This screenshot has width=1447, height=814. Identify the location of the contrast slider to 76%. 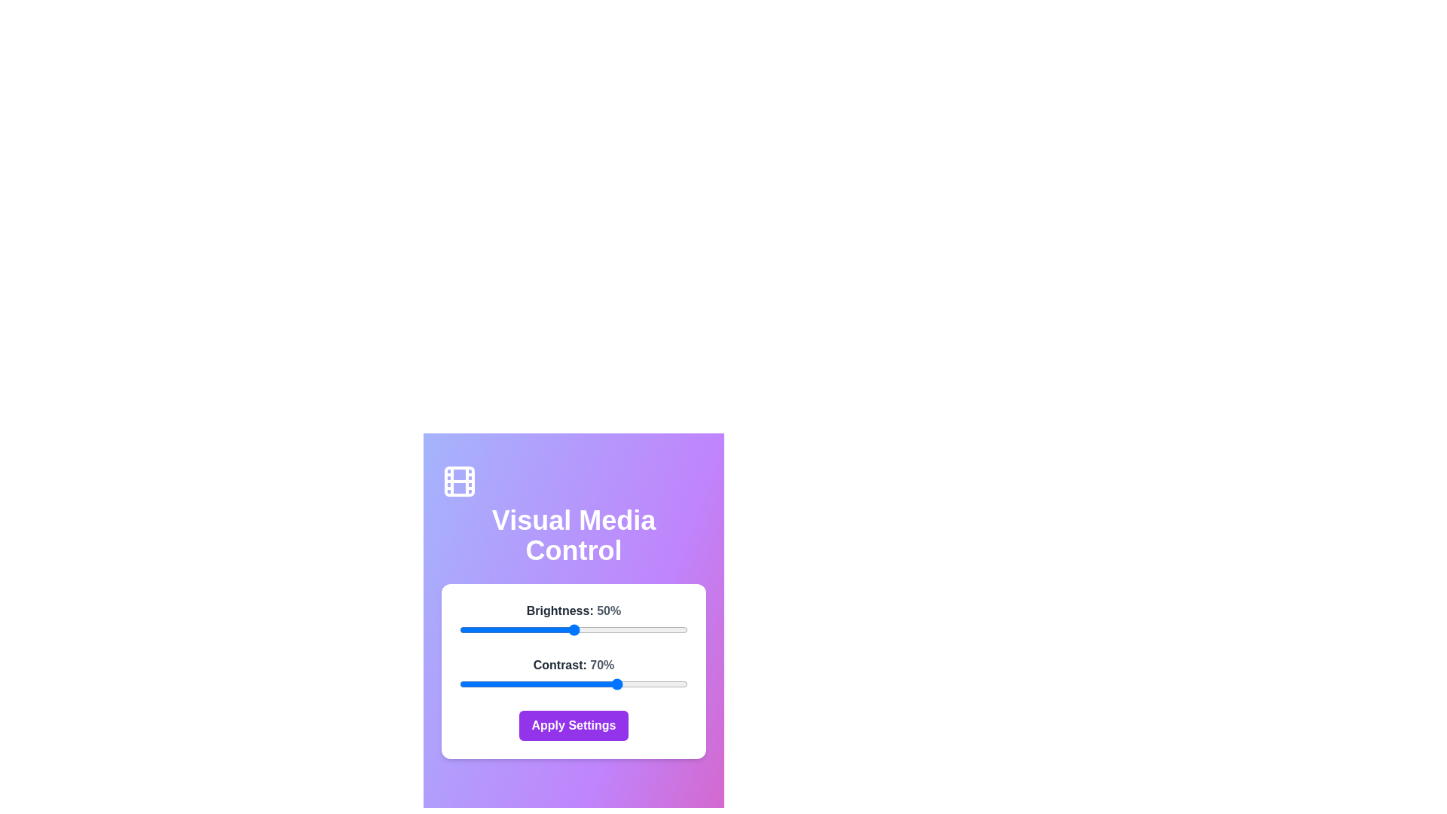
(633, 684).